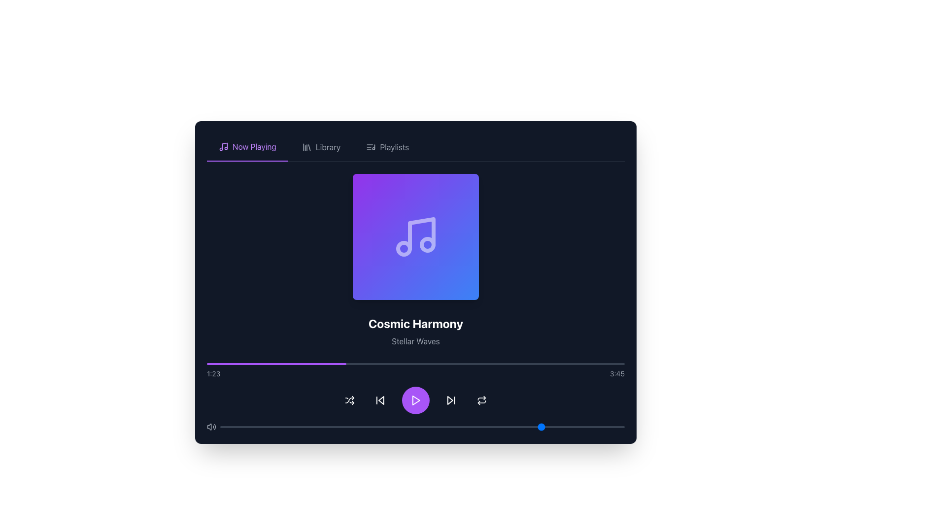 Image resolution: width=946 pixels, height=532 pixels. What do you see at coordinates (616, 374) in the screenshot?
I see `the static text label indicating the total duration of the currently playing audio or video file, located at the bottom-right corner of the interface` at bounding box center [616, 374].